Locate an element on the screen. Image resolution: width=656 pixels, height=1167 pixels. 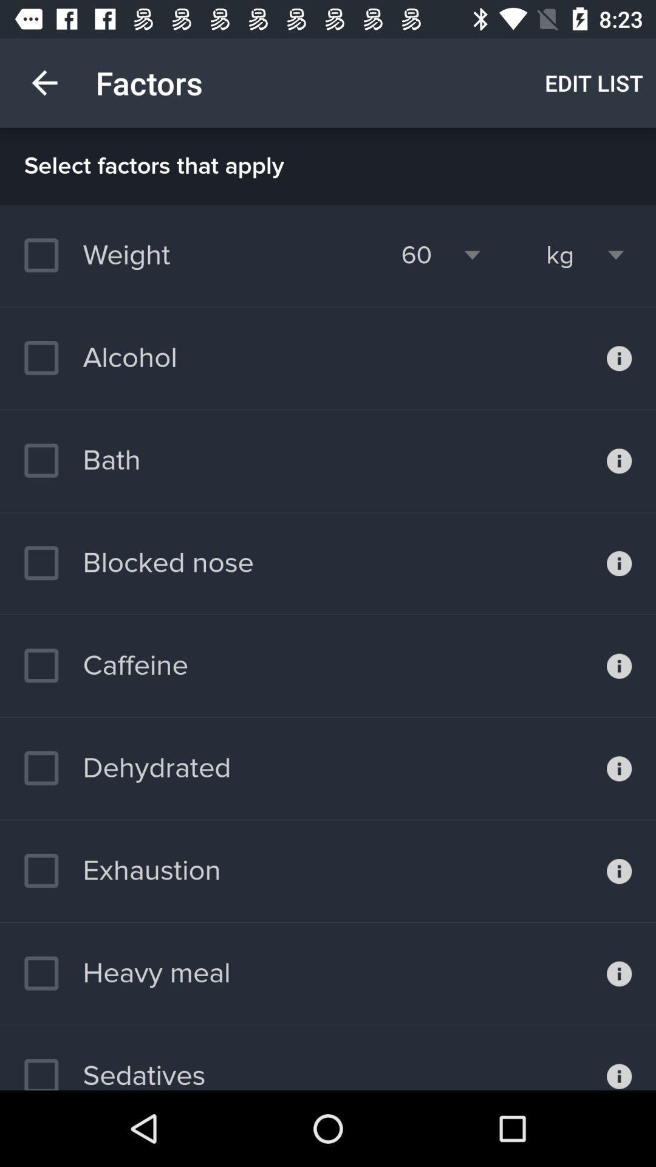
kg icon is located at coordinates (560, 255).